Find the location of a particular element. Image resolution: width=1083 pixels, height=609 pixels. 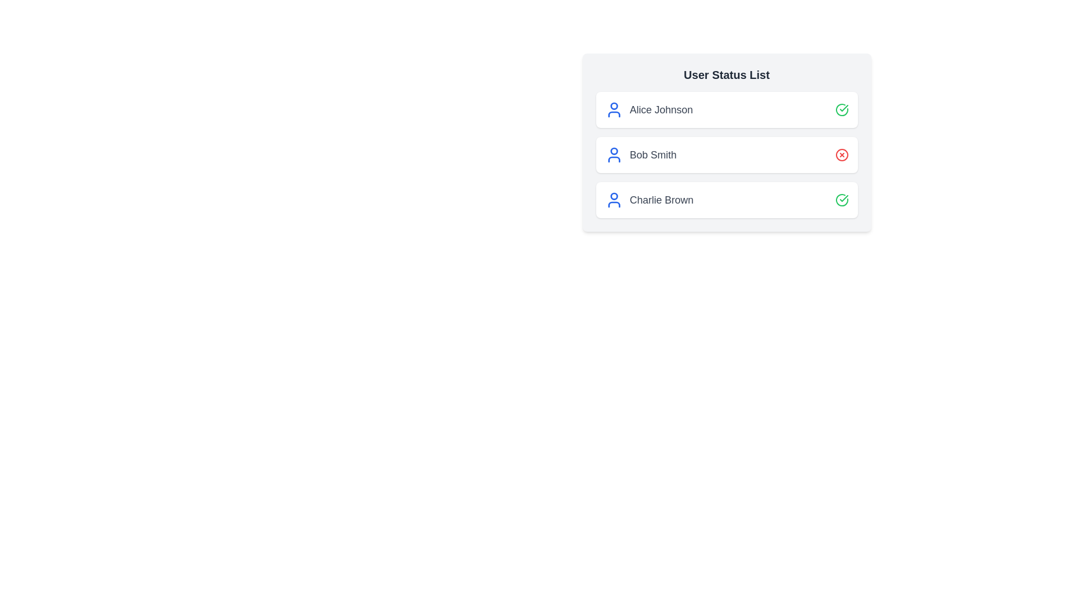

the user icon for Alice Johnson to trigger additional actions is located at coordinates (613, 110).